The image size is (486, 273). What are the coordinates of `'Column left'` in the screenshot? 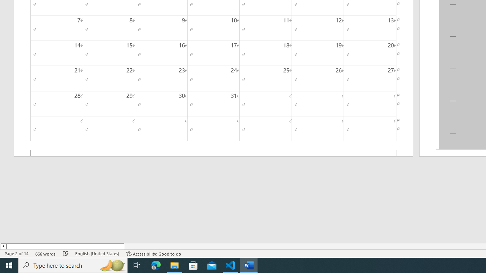 It's located at (3, 246).